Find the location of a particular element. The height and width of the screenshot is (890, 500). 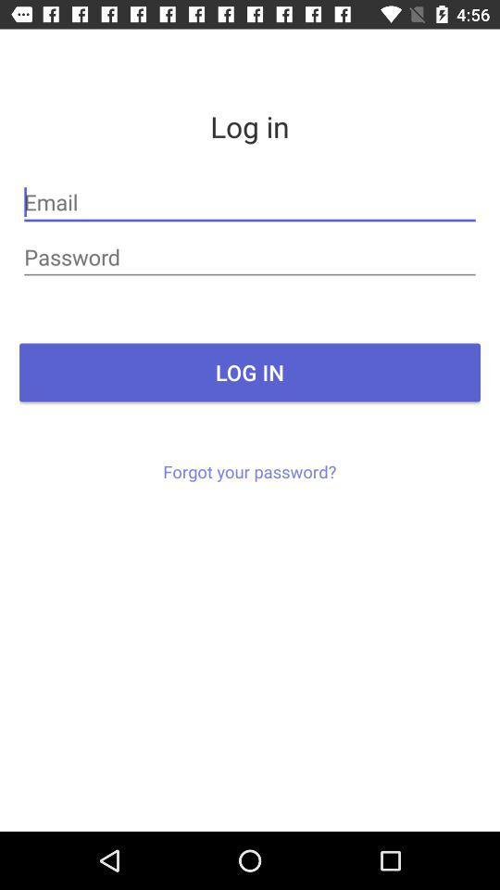

email entry field is located at coordinates (250, 202).